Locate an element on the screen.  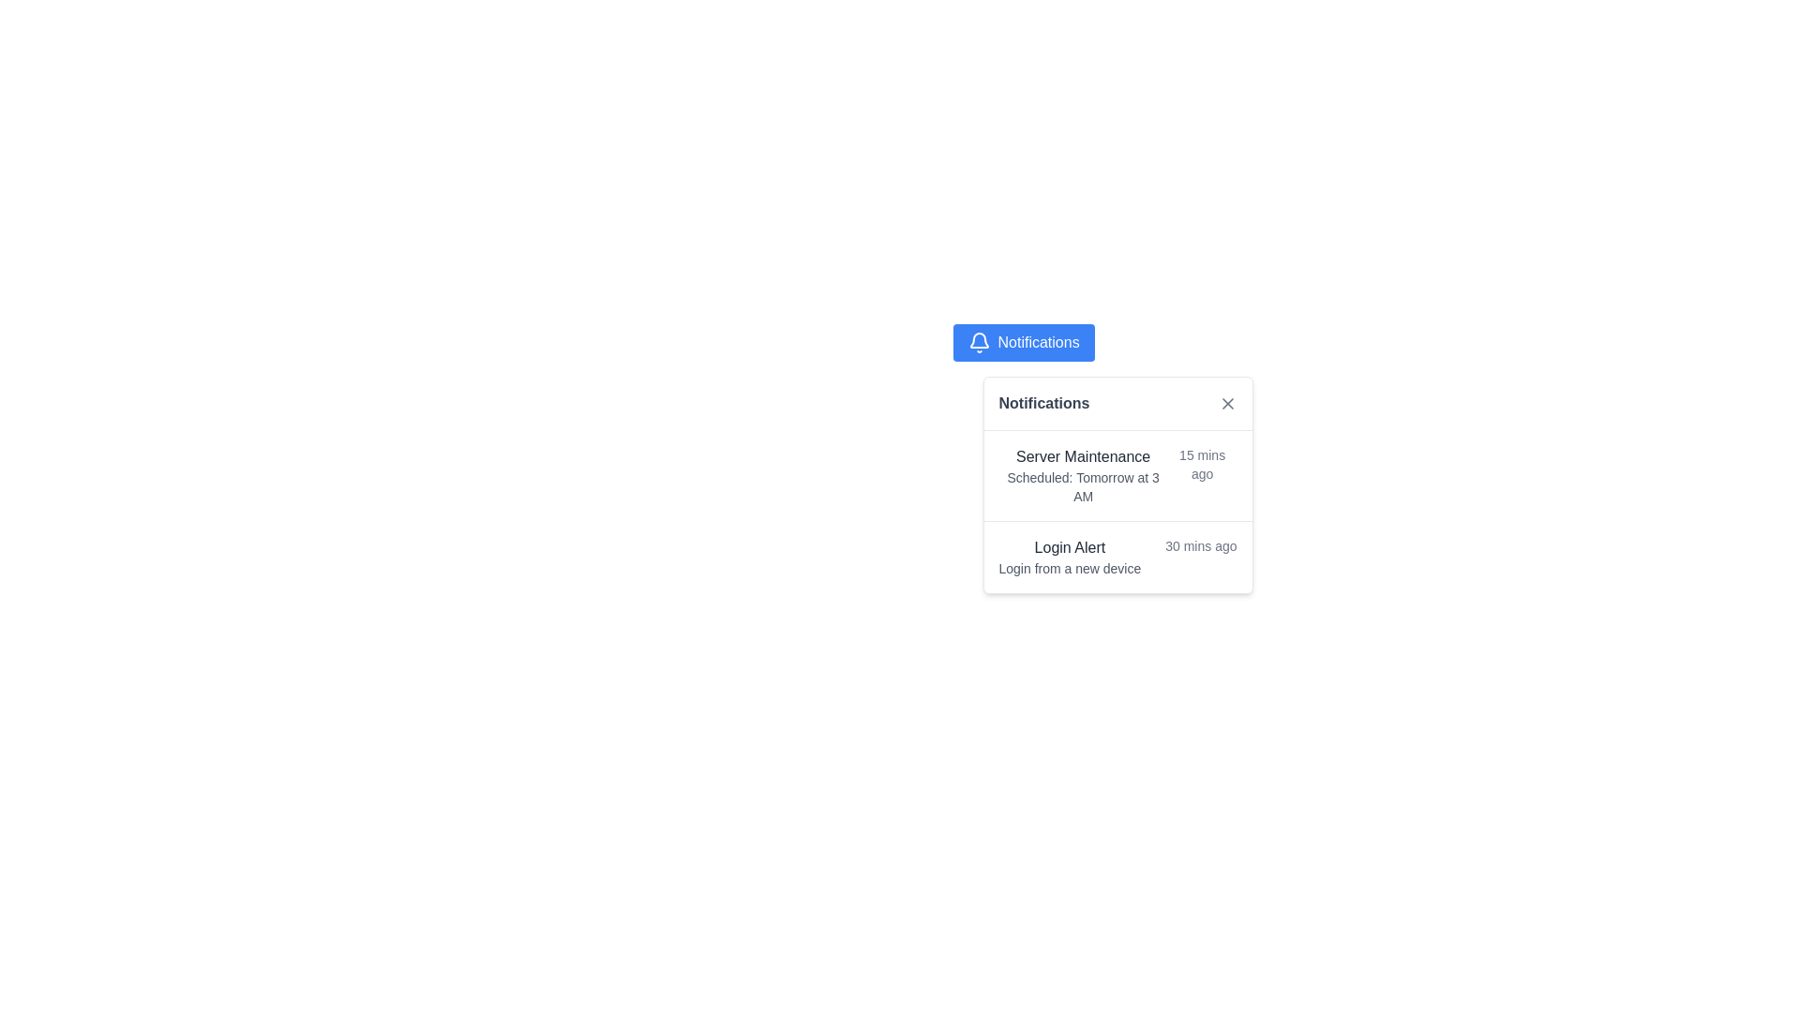
the close button located in the top-right corner of the notifications popup is located at coordinates (1227, 403).